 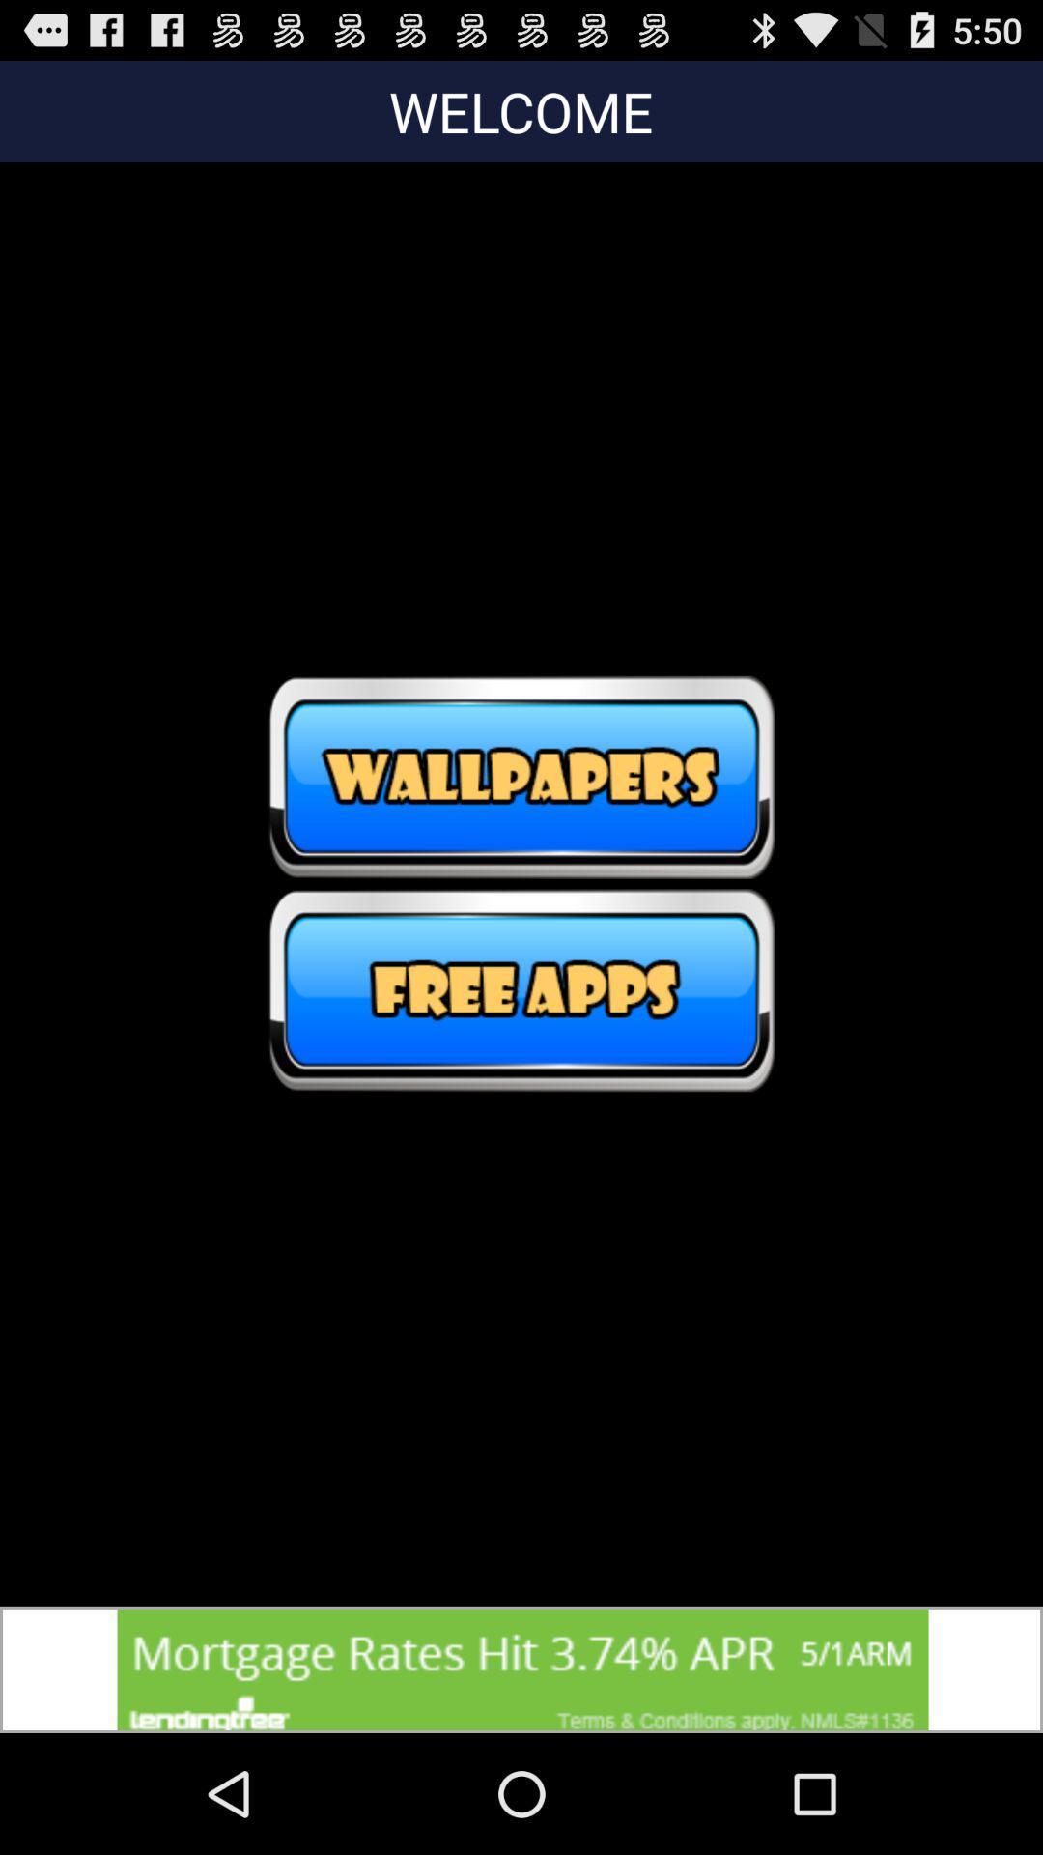 What do you see at coordinates (521, 1669) in the screenshot?
I see `advertisement information` at bounding box center [521, 1669].